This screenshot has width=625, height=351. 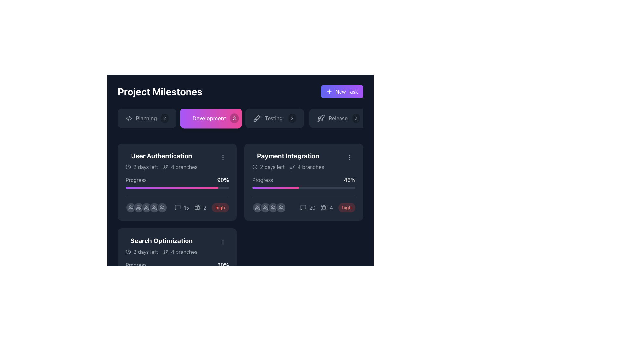 I want to click on the text label displaying 'Progress' in gray font, which is located in the 'Search Optimization' card interface, positioned above a progress bar and to the left of a percentage indicator, so click(x=136, y=265).